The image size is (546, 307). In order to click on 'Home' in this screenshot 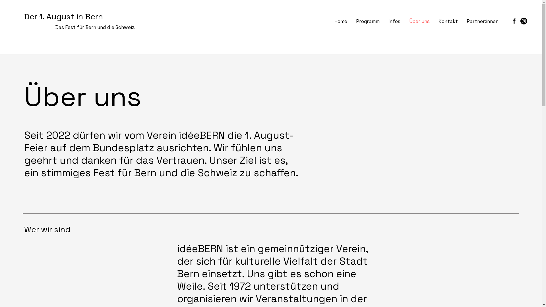, I will do `click(330, 21)`.